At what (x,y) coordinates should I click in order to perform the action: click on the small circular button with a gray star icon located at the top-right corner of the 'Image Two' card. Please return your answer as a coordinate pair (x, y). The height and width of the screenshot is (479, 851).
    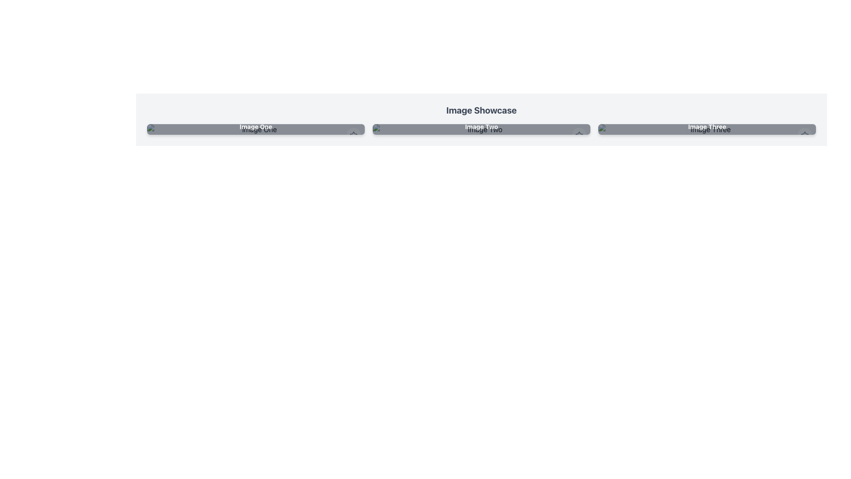
    Looking at the image, I should click on (579, 135).